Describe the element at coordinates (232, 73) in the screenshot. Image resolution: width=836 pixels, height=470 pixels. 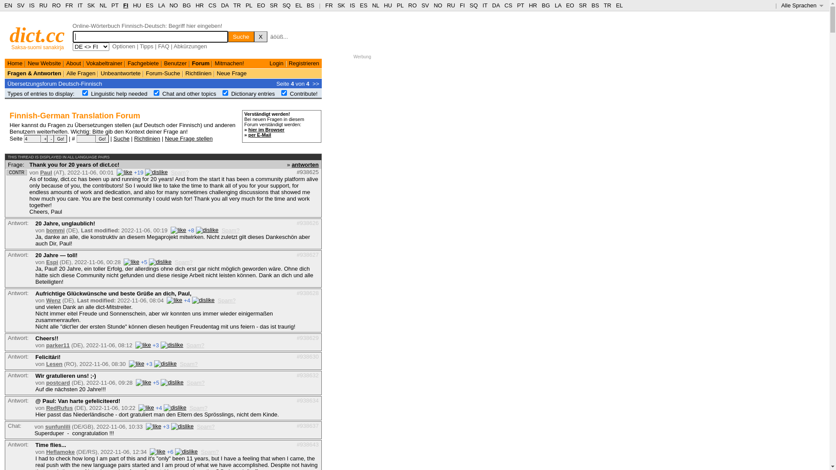
I see `'Neue Frage'` at that location.